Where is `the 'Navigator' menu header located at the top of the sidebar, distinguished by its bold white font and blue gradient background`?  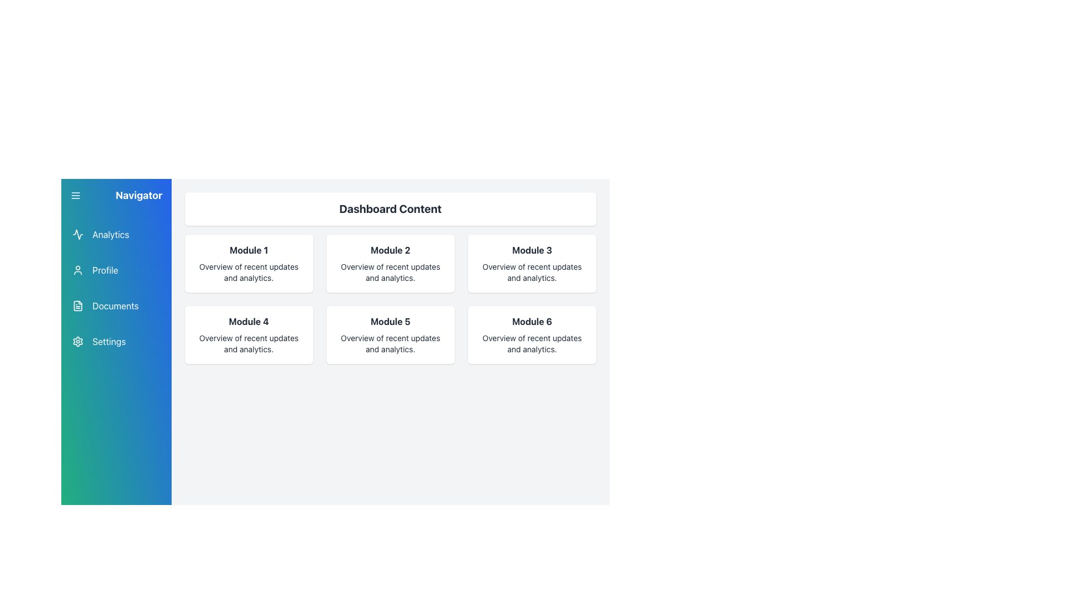 the 'Navigator' menu header located at the top of the sidebar, distinguished by its bold white font and blue gradient background is located at coordinates (116, 195).